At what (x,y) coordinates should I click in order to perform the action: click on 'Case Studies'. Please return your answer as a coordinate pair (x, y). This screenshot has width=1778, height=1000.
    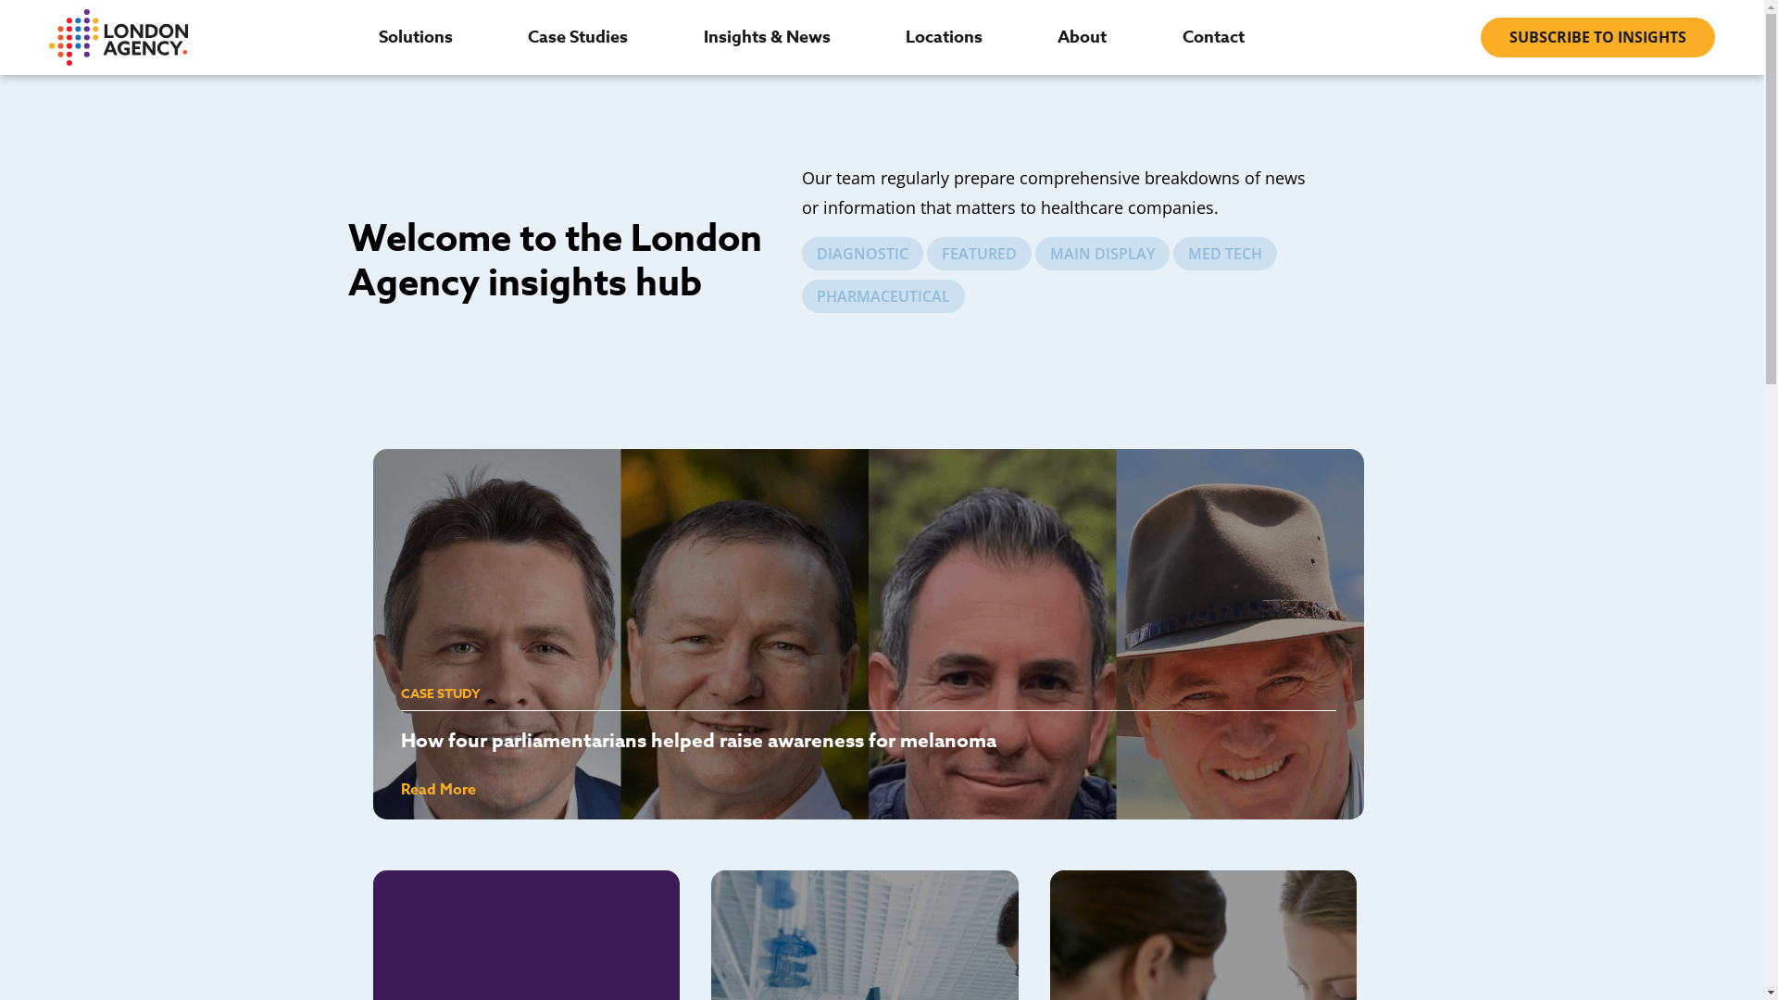
    Looking at the image, I should click on (577, 36).